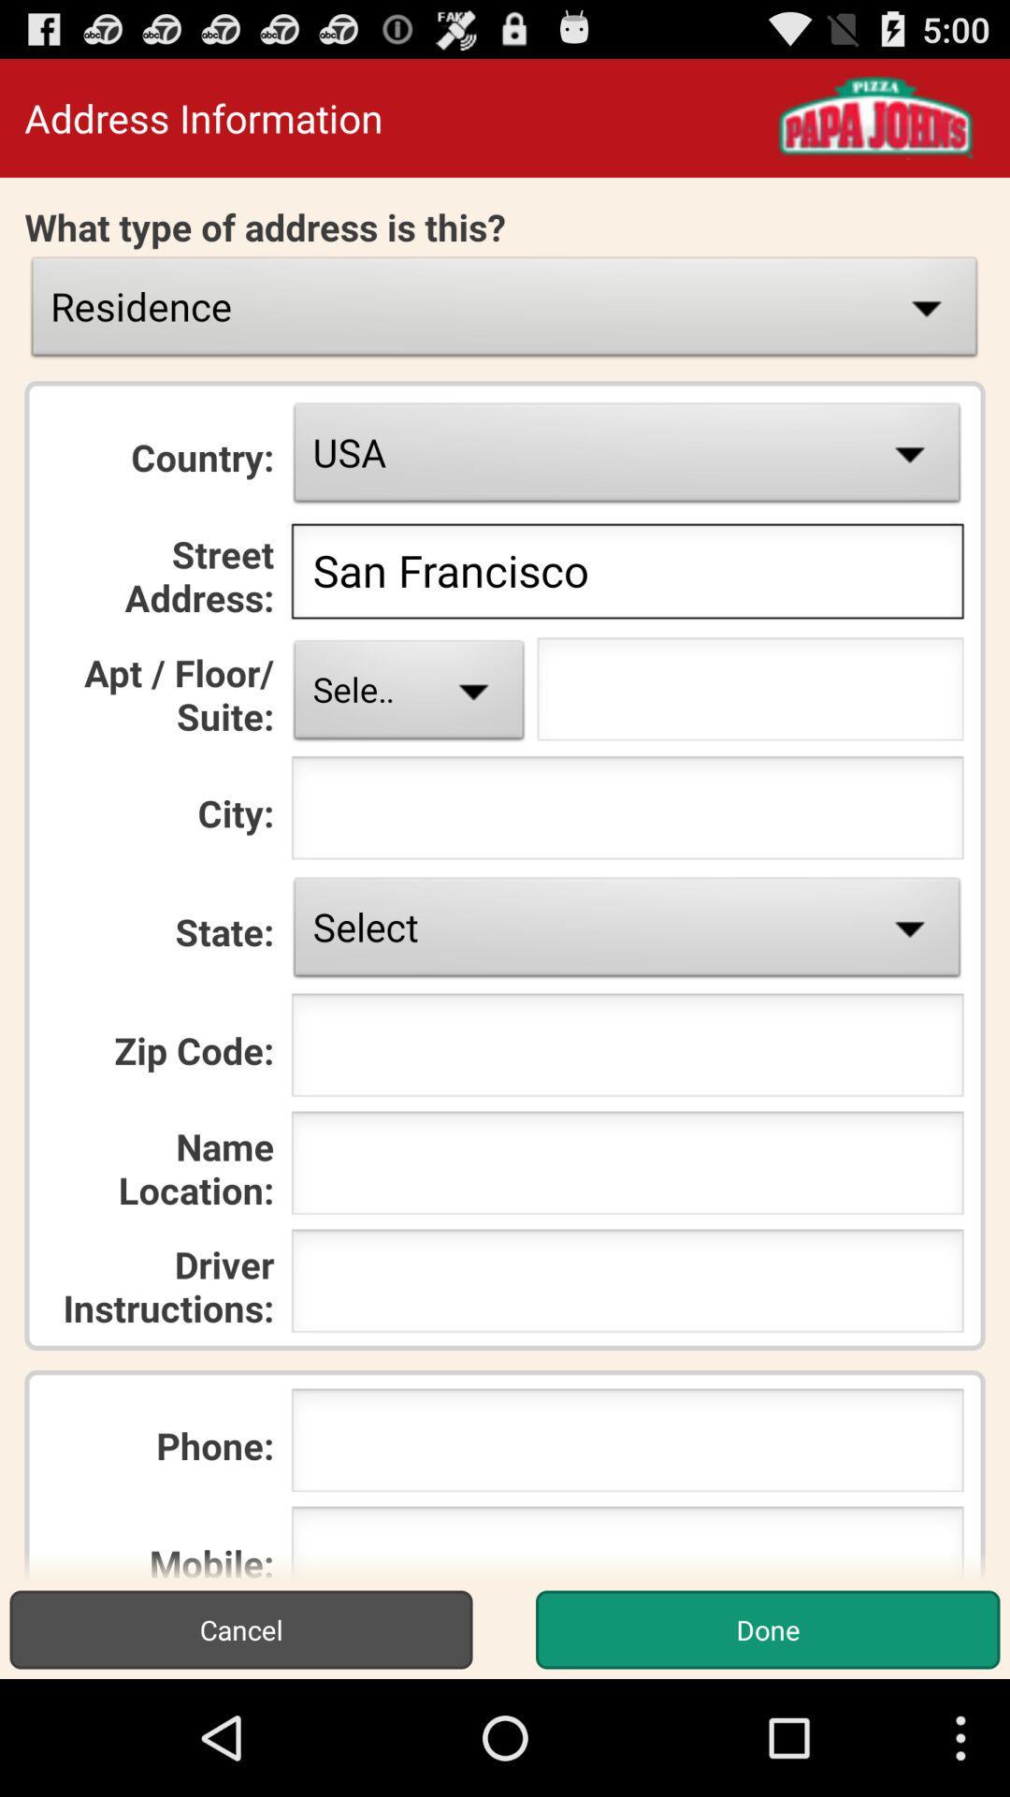 Image resolution: width=1010 pixels, height=1797 pixels. What do you see at coordinates (628, 1050) in the screenshot?
I see `the zip code pox` at bounding box center [628, 1050].